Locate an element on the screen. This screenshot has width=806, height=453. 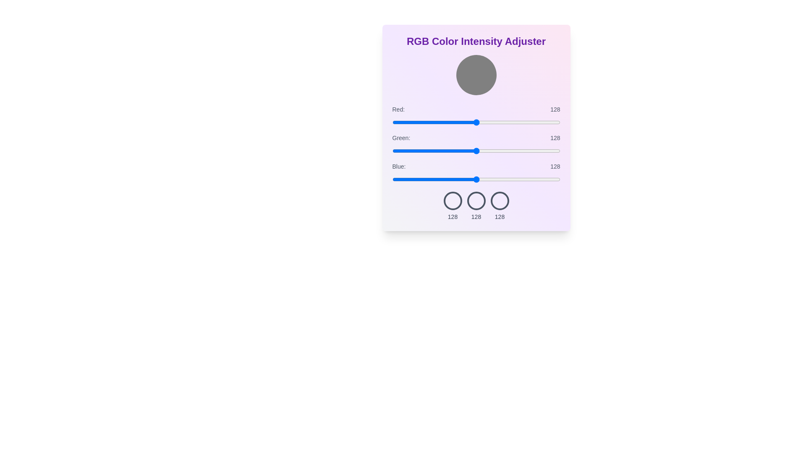
the green slider to set its intensity to 38 is located at coordinates (417, 150).